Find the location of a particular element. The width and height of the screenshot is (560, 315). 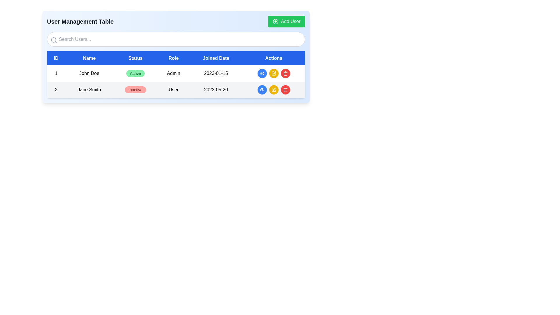

the 'Inactive' badge indicating the status of user Jane Smith in the second row of the user management table is located at coordinates (135, 90).